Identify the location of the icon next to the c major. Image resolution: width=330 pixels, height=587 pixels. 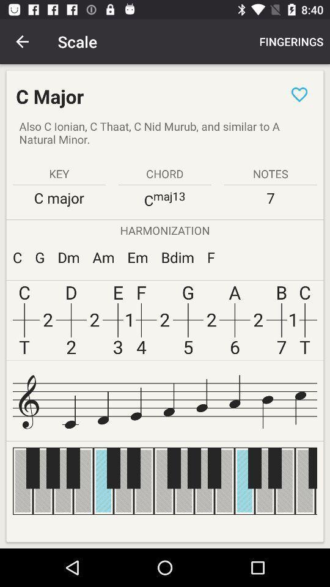
(299, 94).